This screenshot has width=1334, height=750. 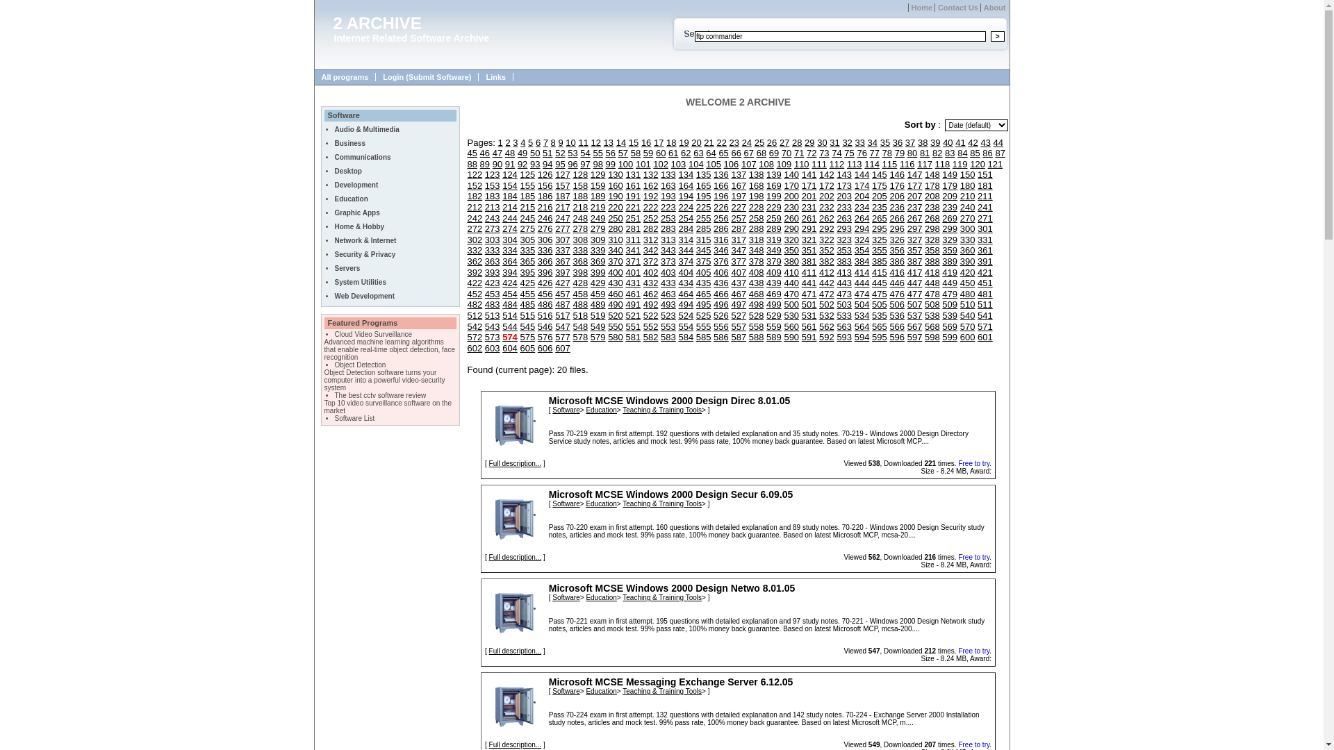 What do you see at coordinates (493, 174) in the screenshot?
I see `'123'` at bounding box center [493, 174].